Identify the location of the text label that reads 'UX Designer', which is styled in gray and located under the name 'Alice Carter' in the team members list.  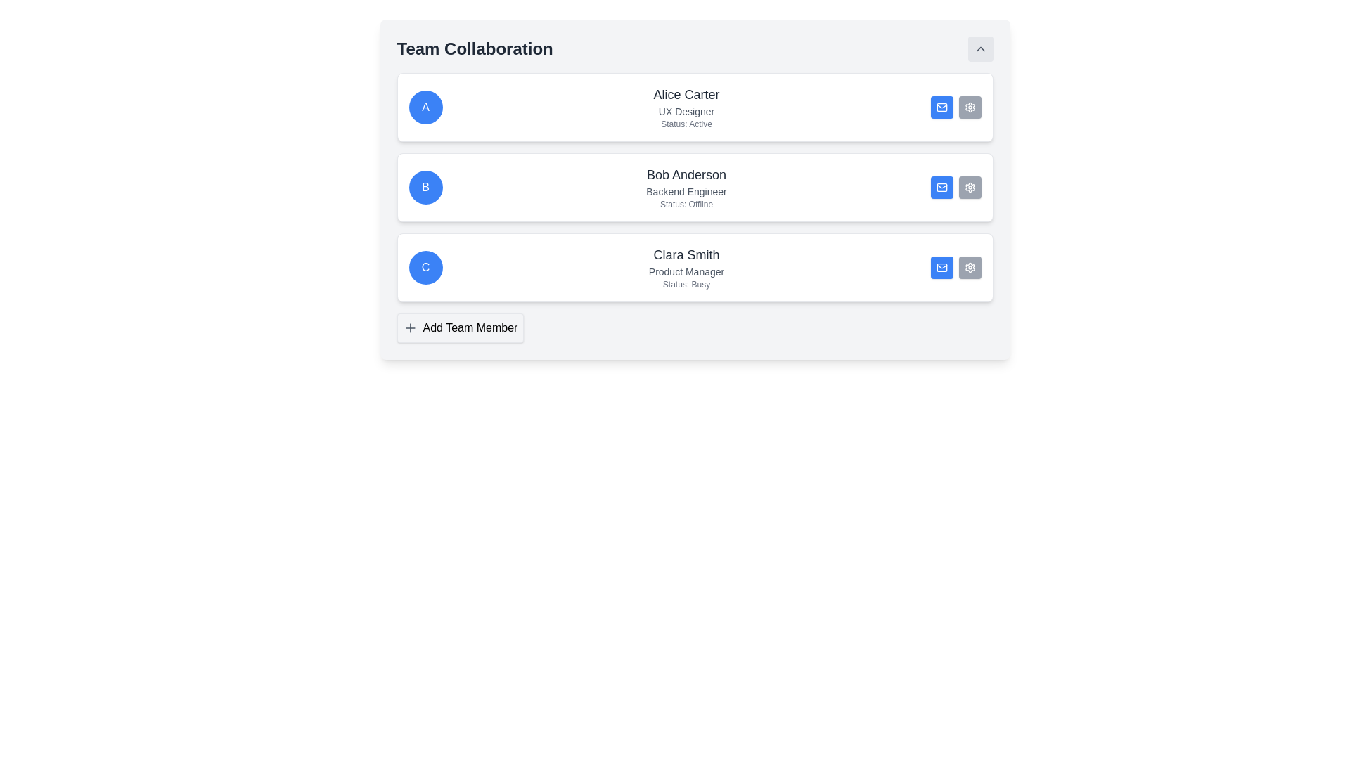
(686, 110).